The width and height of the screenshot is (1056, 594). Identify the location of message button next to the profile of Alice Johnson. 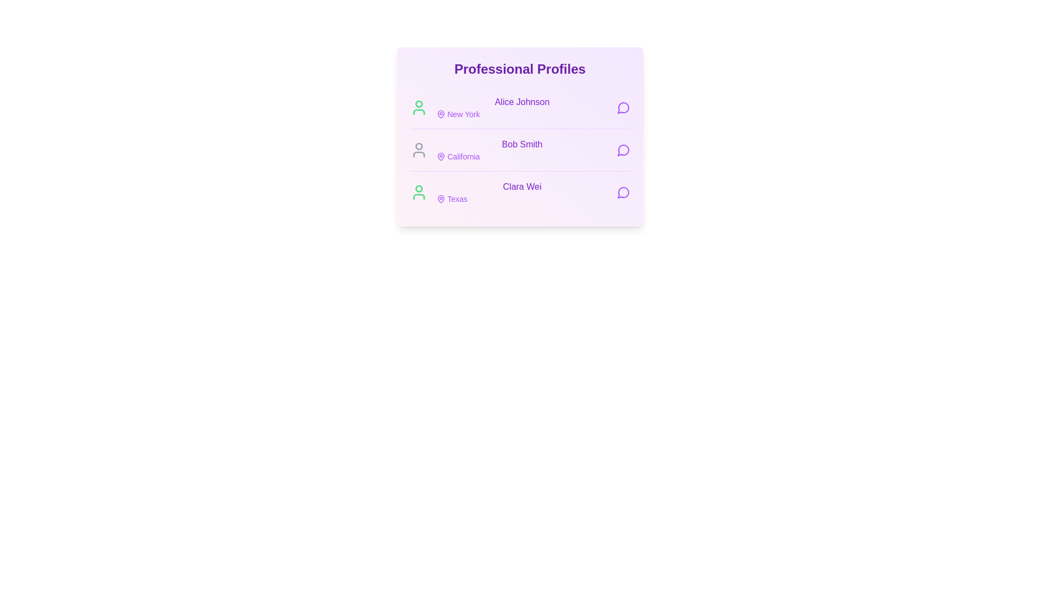
(623, 108).